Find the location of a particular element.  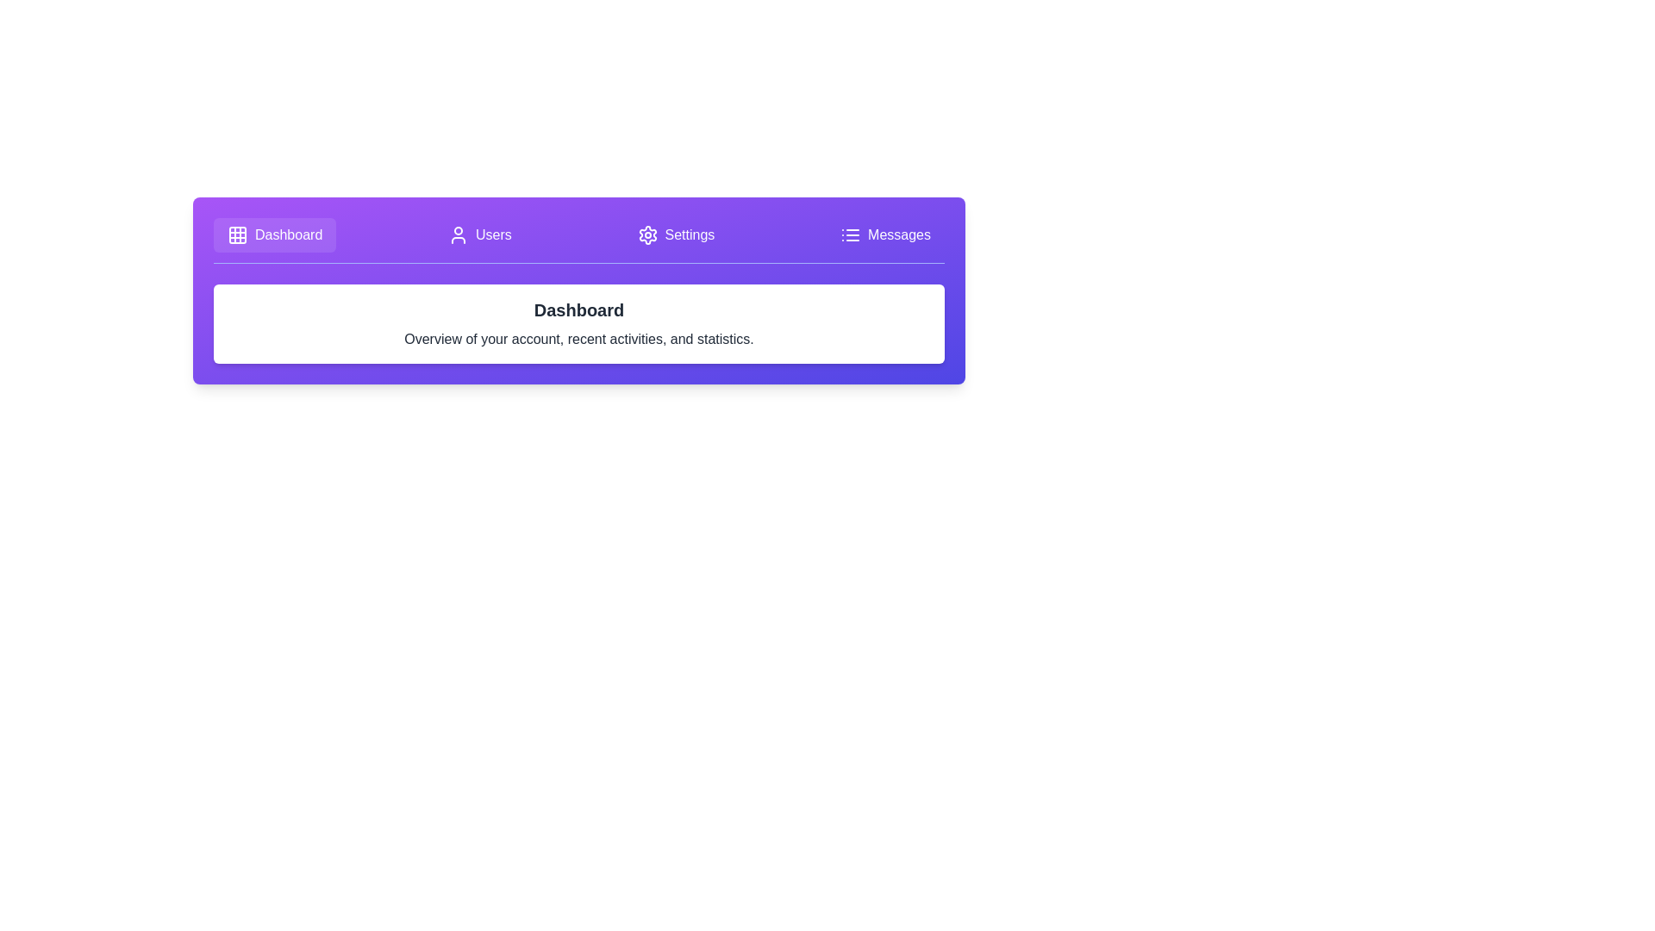

the text label displaying 'Overview of your account, recent activities, and statistics.' located below the 'Dashboard' title on a purple shaded banner is located at coordinates (579, 339).